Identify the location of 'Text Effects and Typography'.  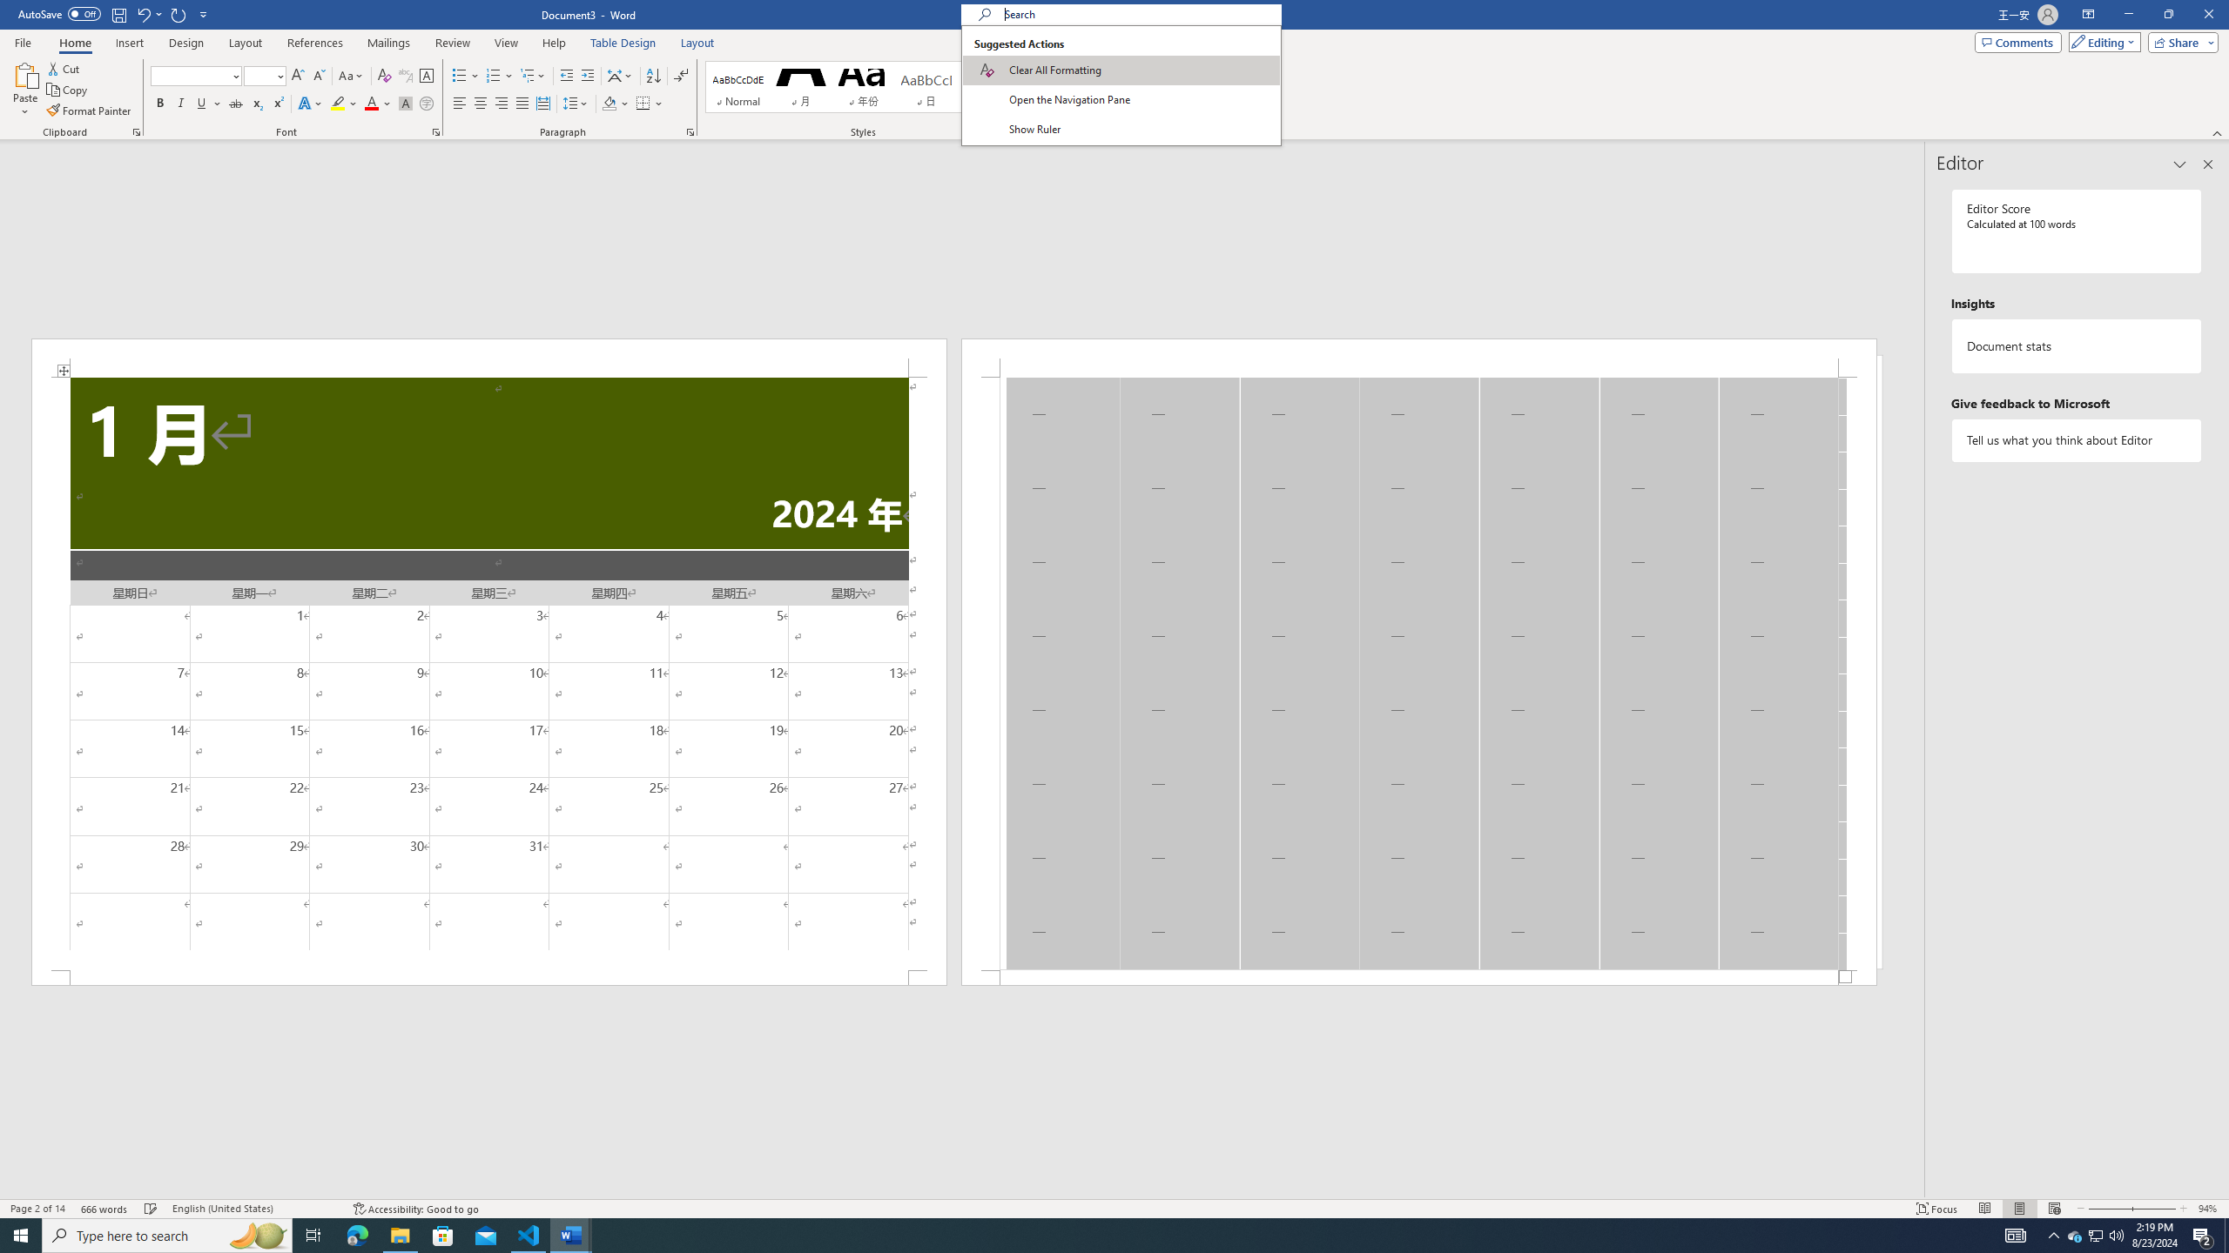
(308, 103).